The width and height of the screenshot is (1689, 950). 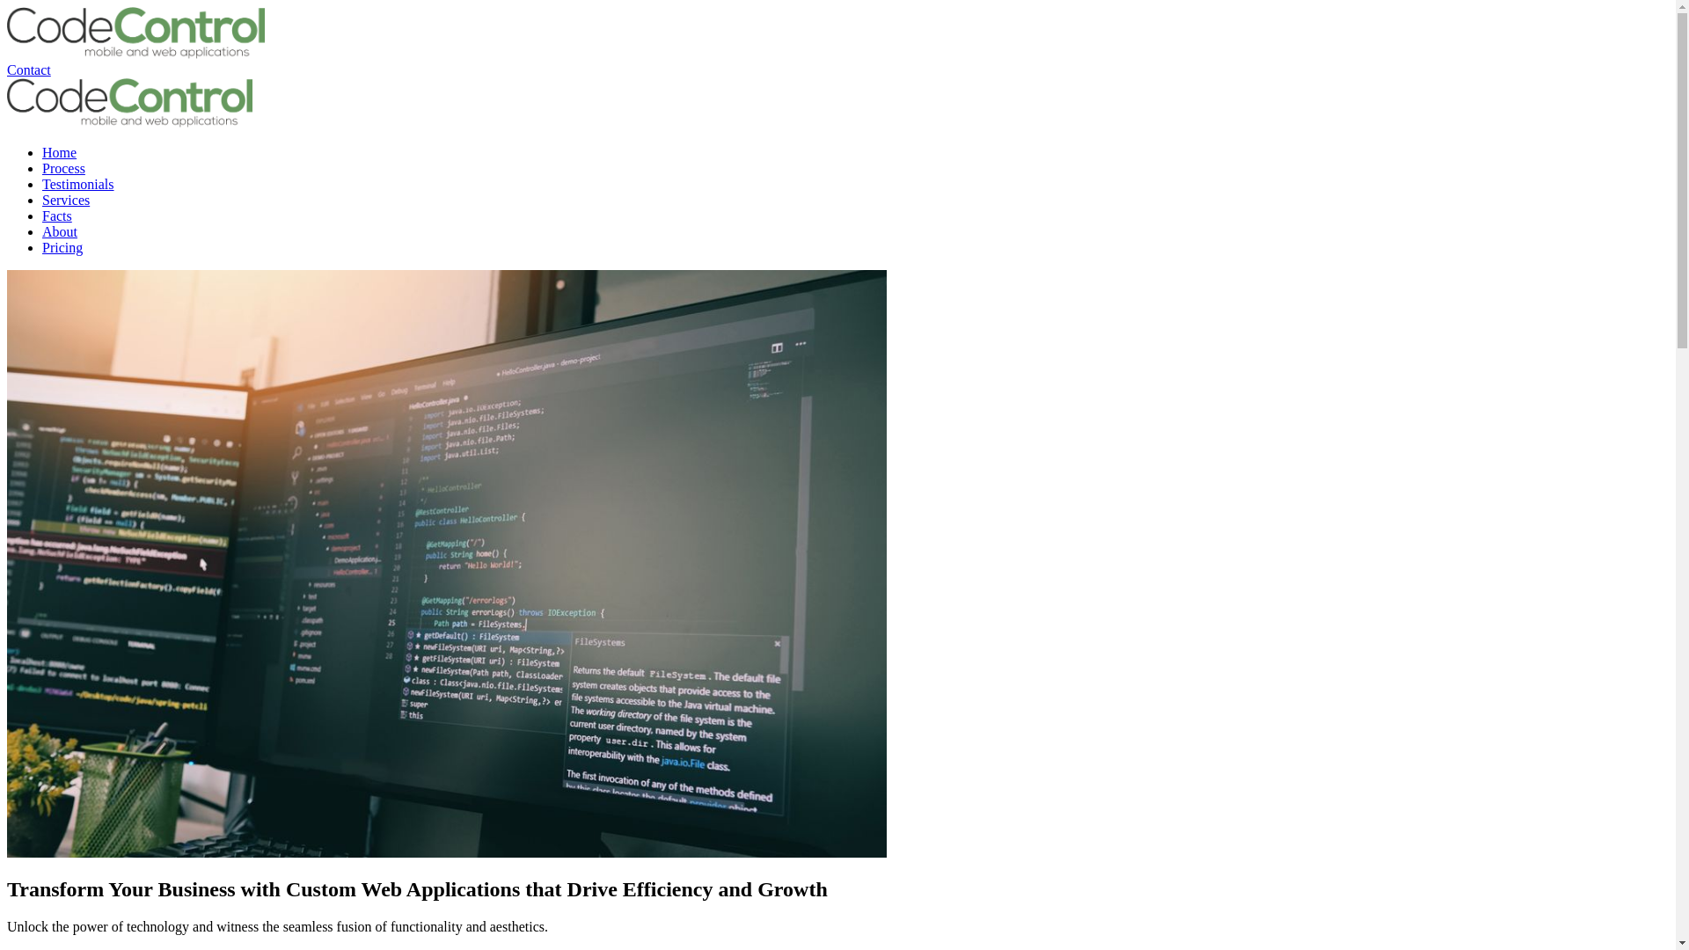 I want to click on 'Facts', so click(x=57, y=215).